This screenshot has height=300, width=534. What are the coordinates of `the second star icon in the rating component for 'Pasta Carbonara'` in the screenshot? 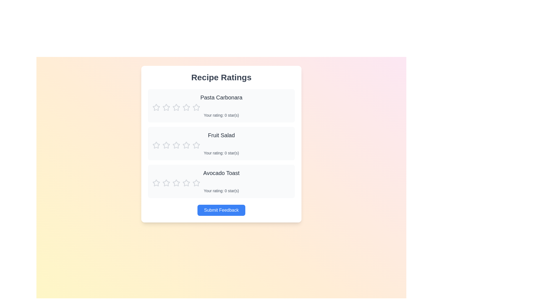 It's located at (196, 107).